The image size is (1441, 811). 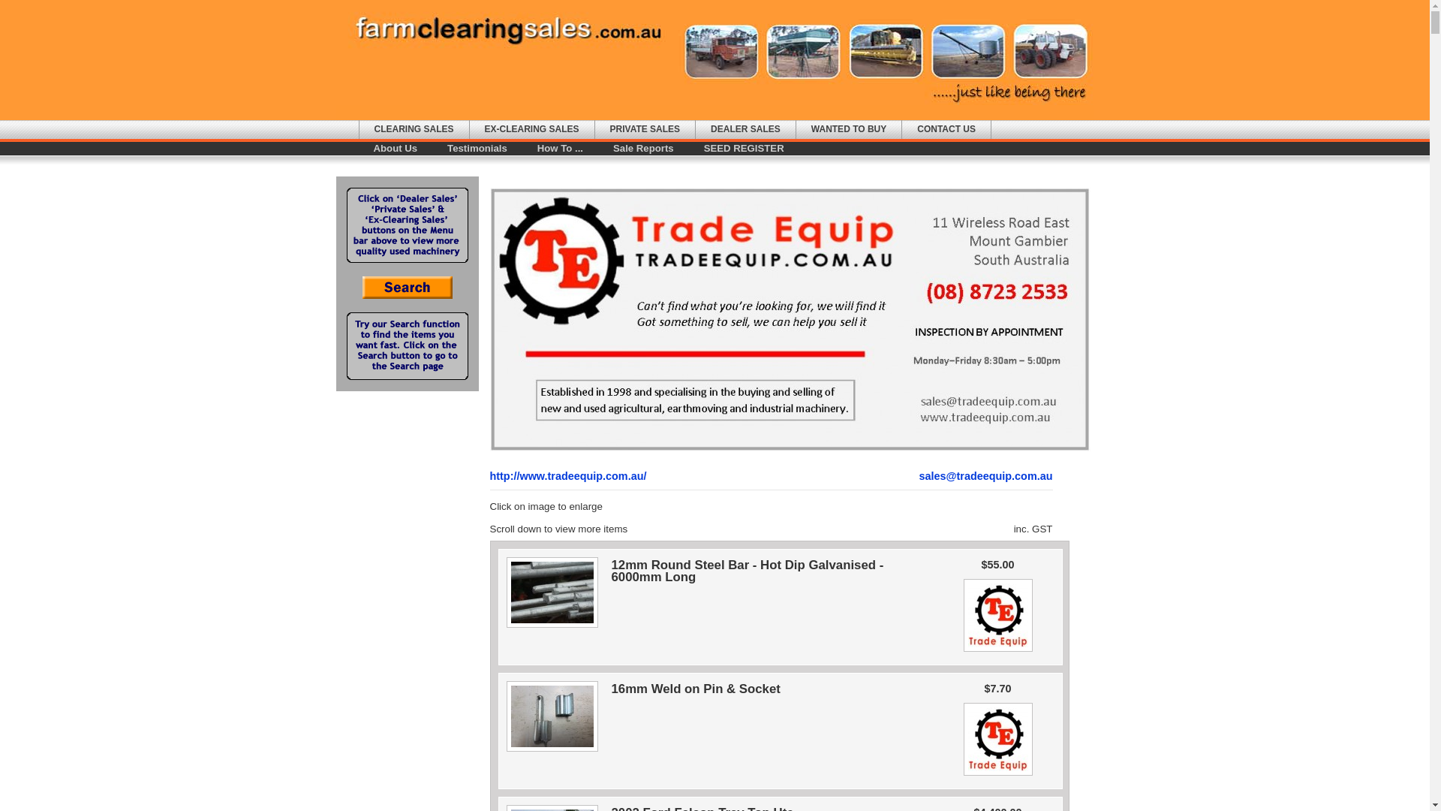 What do you see at coordinates (407, 295) in the screenshot?
I see `'search farm items'` at bounding box center [407, 295].